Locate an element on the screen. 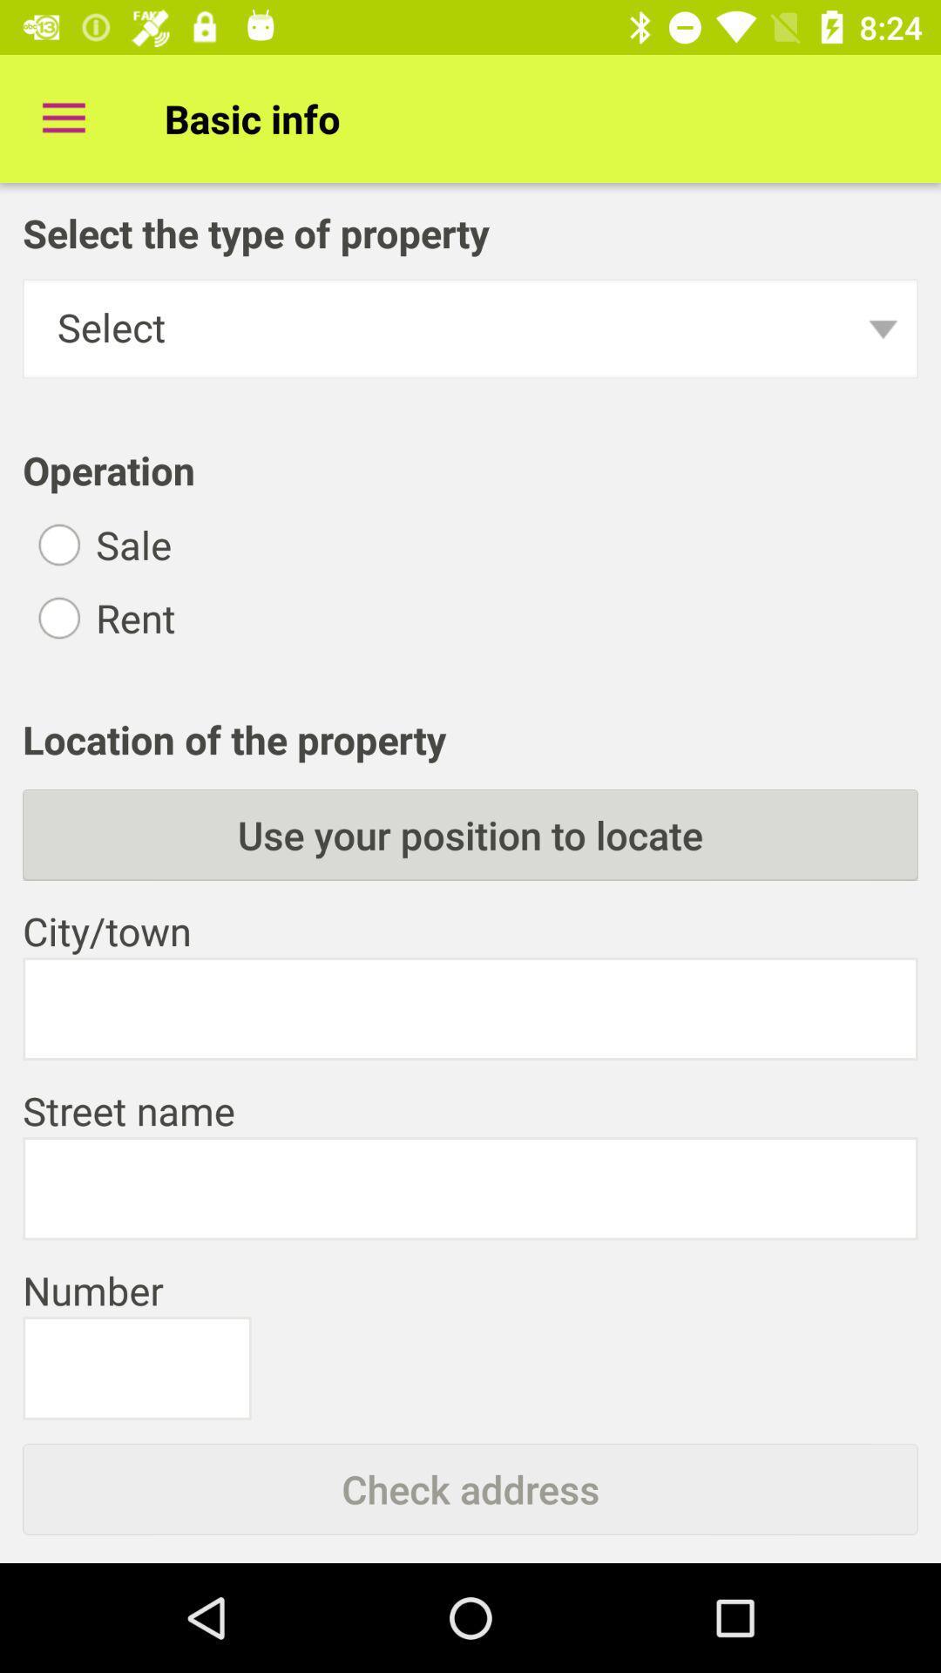 The height and width of the screenshot is (1673, 941). street name enter box is located at coordinates (470, 1188).